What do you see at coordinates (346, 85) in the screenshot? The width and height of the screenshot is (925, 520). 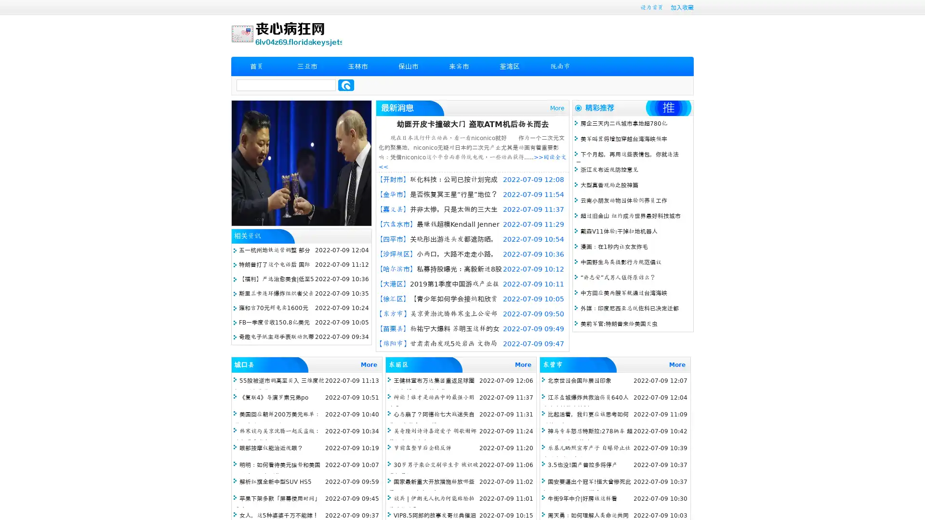 I see `Search` at bounding box center [346, 85].